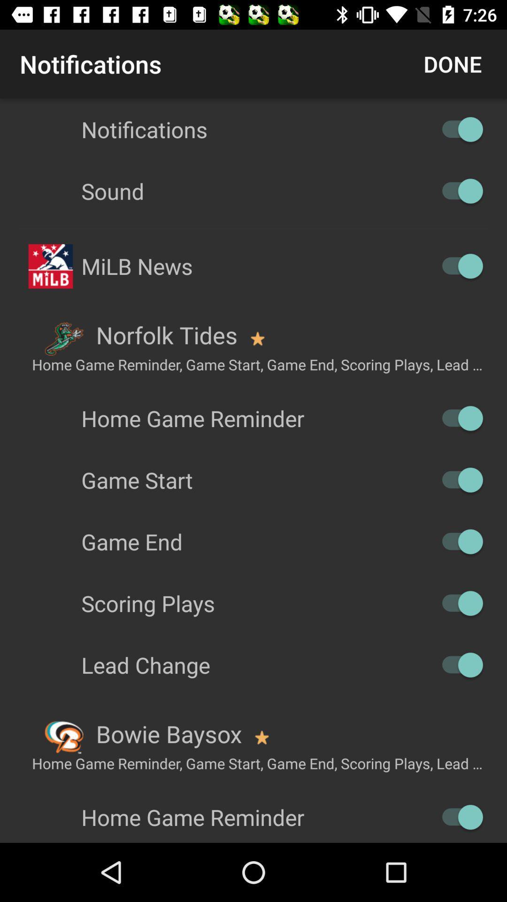  I want to click on scoring plays, so click(457, 603).